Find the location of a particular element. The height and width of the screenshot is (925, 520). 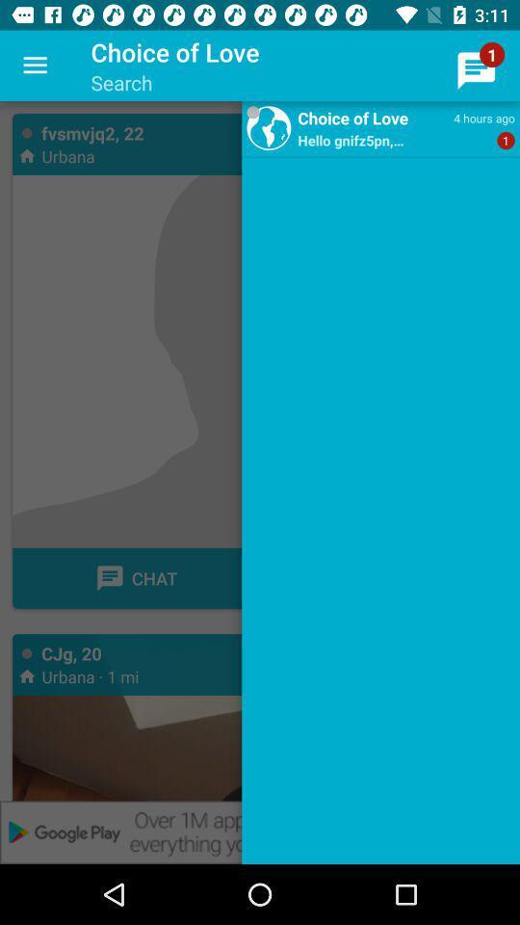

icon which is at the top right of the page is located at coordinates (476, 71).